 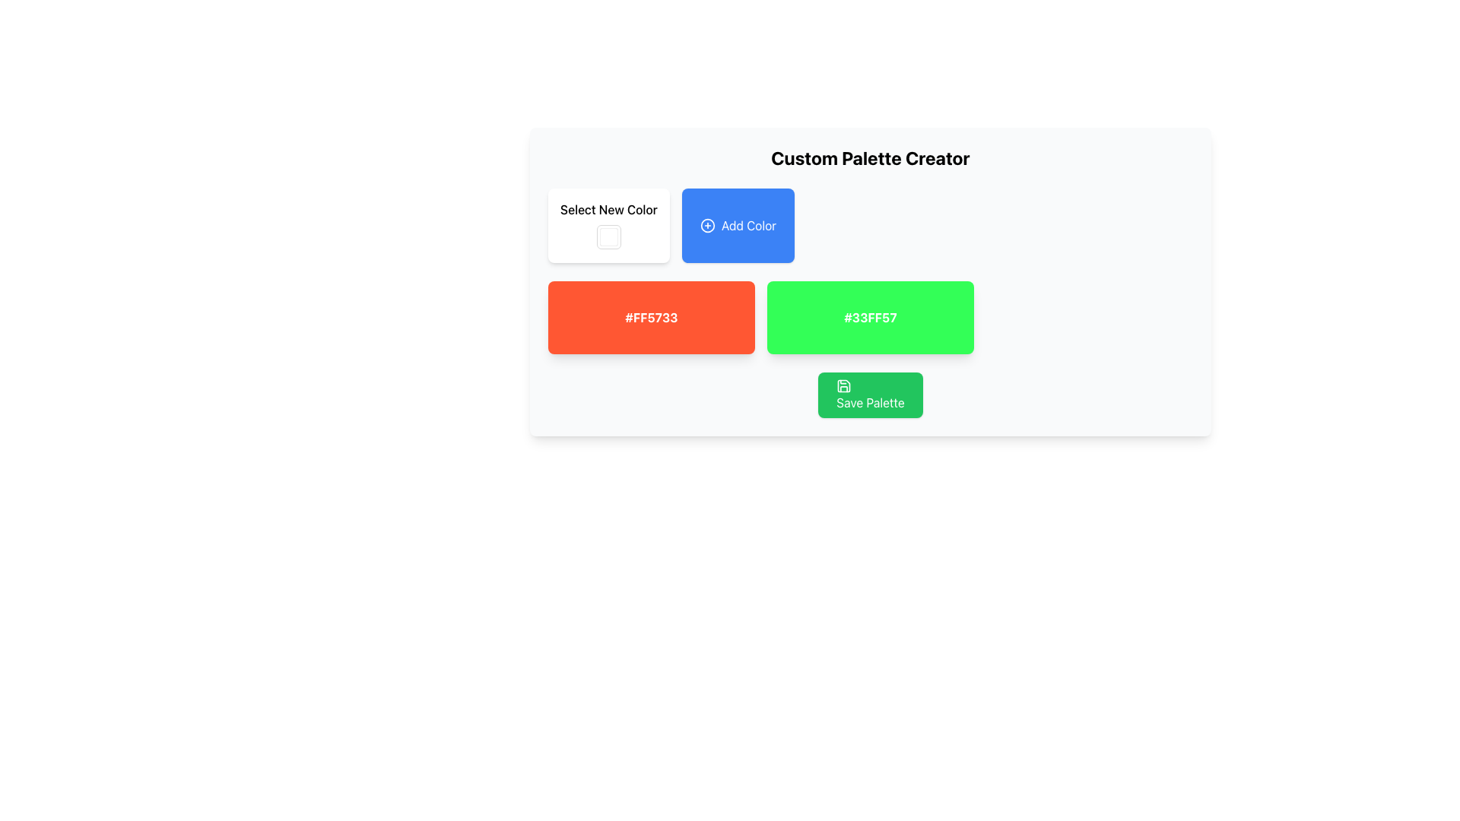 I want to click on the color picker trigger labeled 'Select New Color', so click(x=608, y=226).